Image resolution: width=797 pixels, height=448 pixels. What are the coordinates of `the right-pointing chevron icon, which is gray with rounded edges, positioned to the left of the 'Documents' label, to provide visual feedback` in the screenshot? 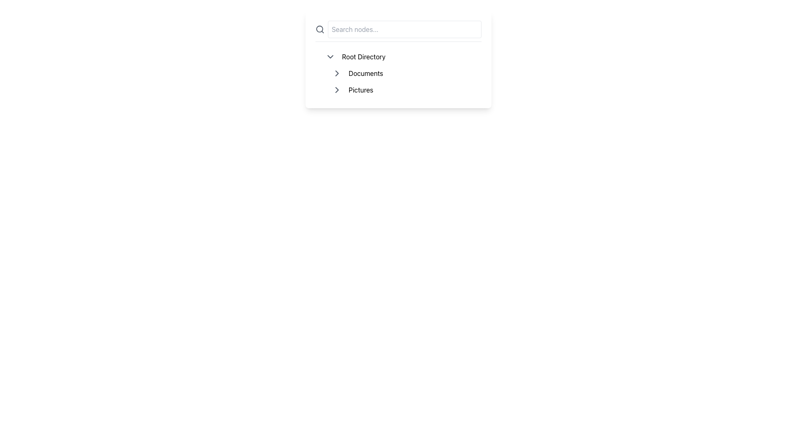 It's located at (337, 73).